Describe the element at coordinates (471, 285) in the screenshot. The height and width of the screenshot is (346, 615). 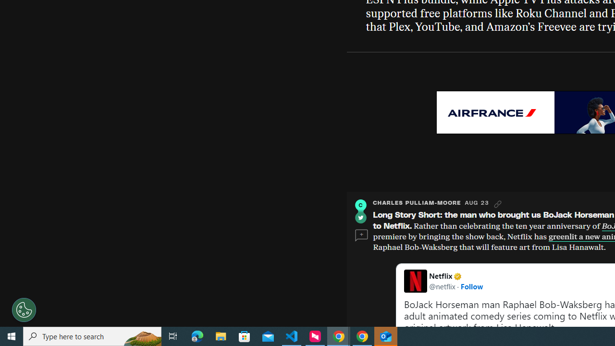
I see `'Follow'` at that location.